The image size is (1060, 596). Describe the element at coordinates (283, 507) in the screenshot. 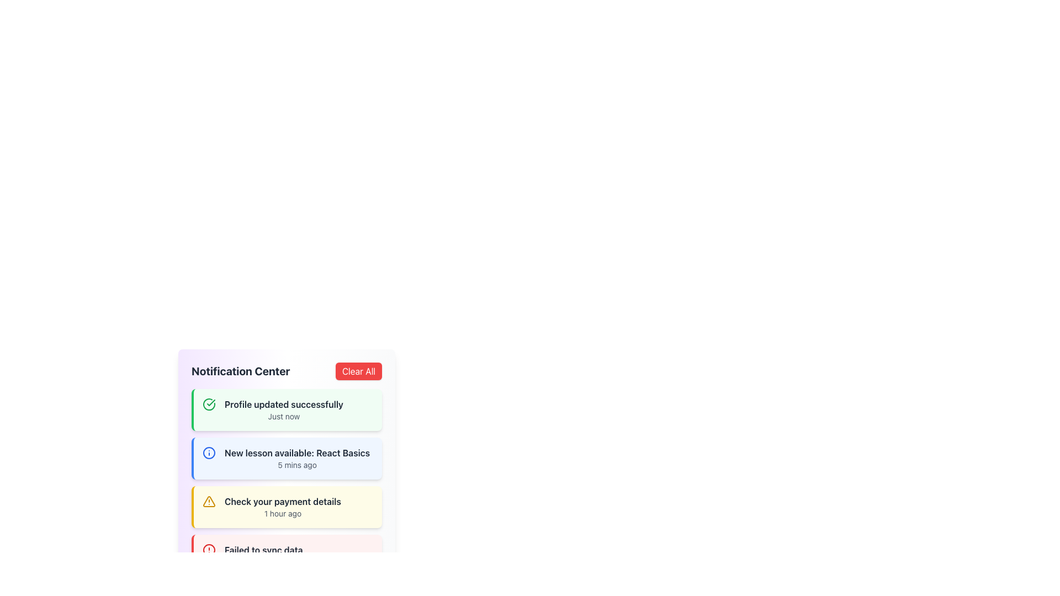

I see `the notification card informing about checking payment details` at that location.